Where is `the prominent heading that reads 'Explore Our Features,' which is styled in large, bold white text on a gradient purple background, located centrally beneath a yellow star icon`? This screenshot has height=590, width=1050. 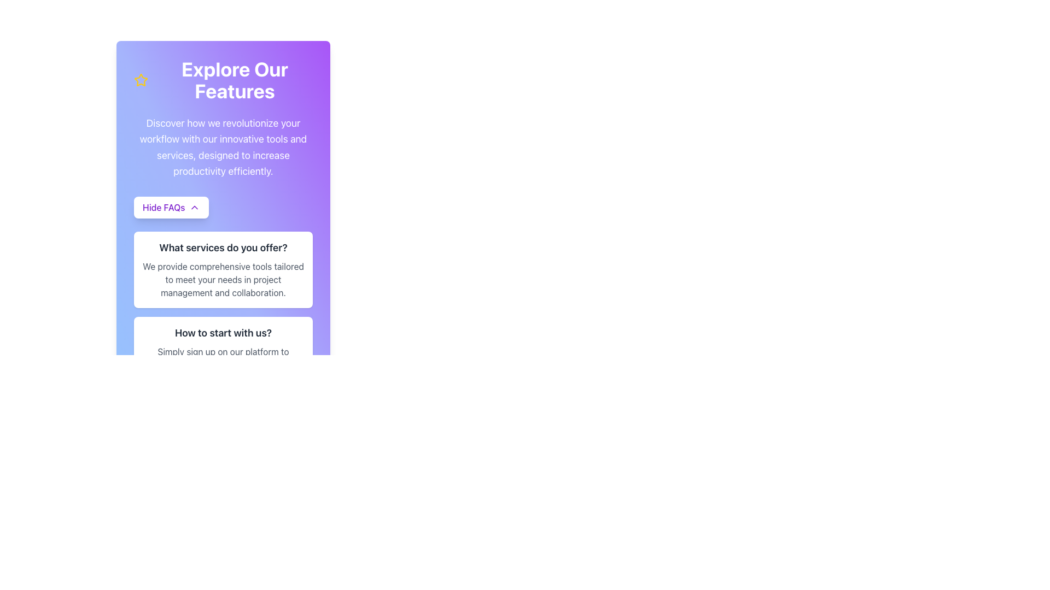
the prominent heading that reads 'Explore Our Features,' which is styled in large, bold white text on a gradient purple background, located centrally beneath a yellow star icon is located at coordinates (234, 79).